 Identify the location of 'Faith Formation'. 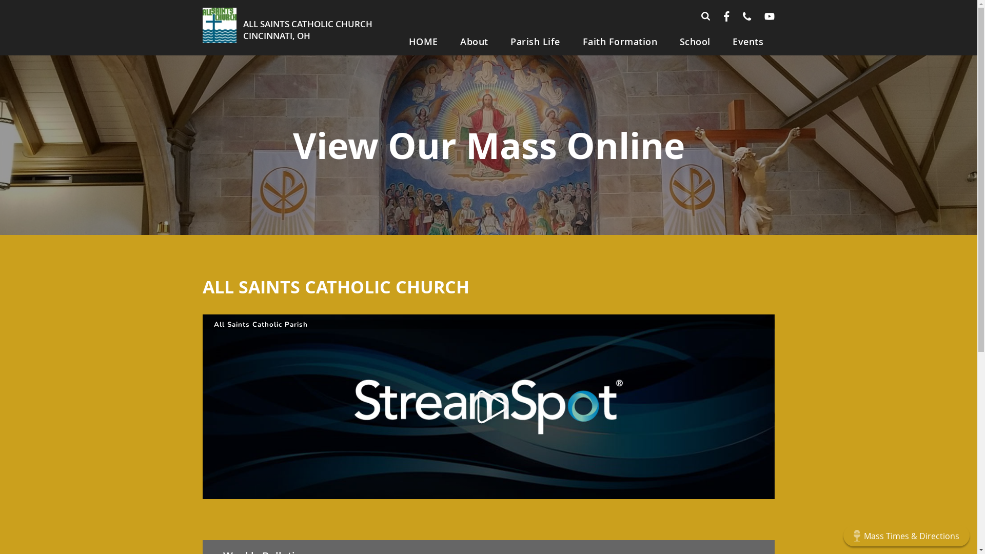
(619, 41).